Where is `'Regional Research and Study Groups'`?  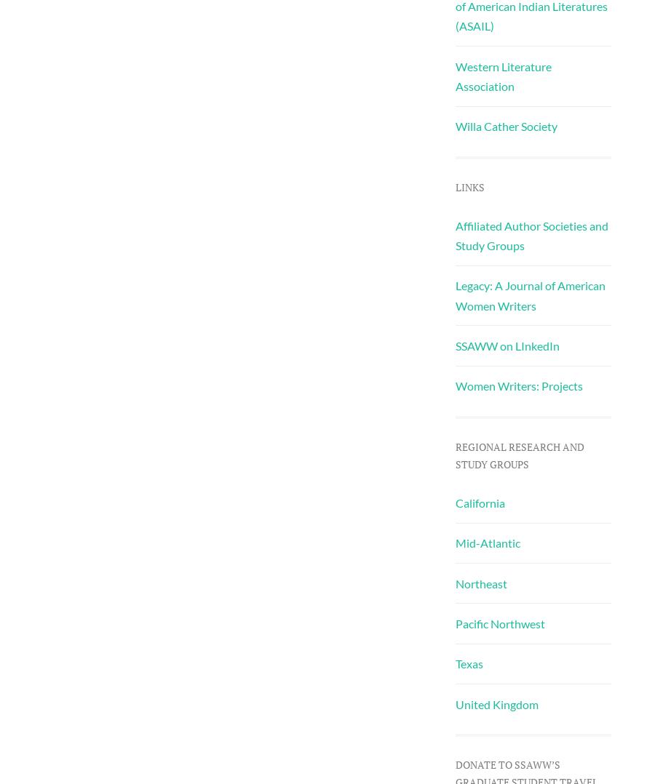 'Regional Research and Study Groups' is located at coordinates (518, 454).